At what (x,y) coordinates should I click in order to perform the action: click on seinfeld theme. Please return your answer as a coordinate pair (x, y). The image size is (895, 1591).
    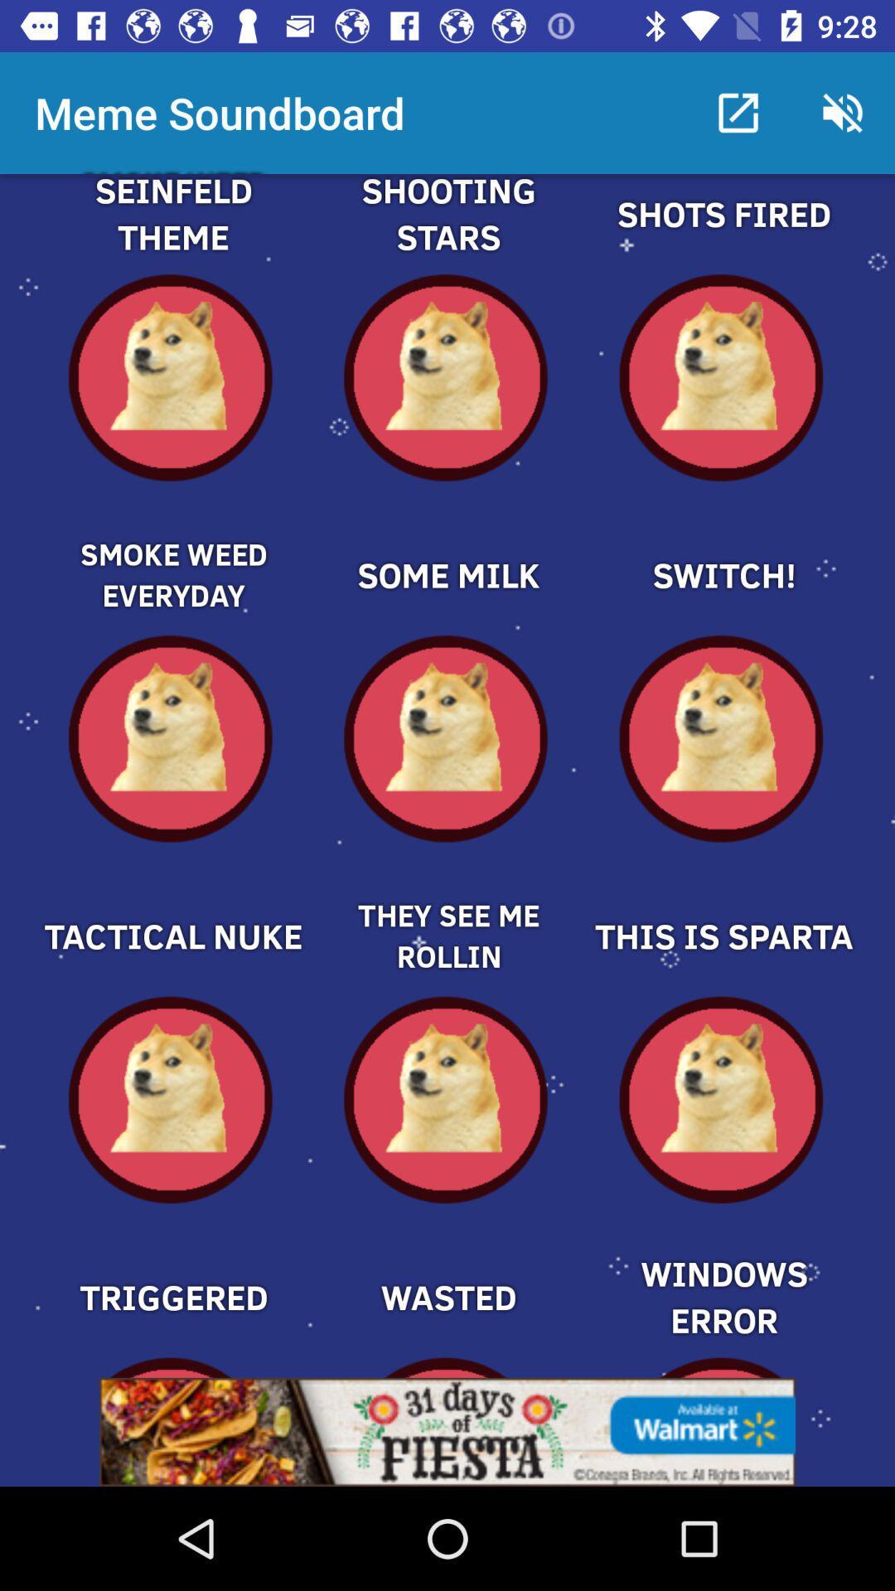
    Looking at the image, I should click on (172, 233).